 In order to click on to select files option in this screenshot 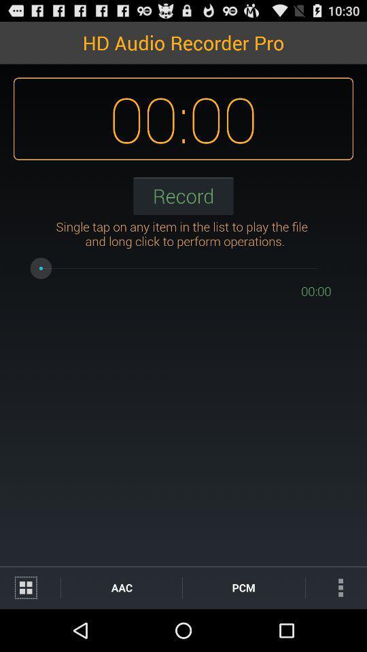, I will do `click(30, 587)`.